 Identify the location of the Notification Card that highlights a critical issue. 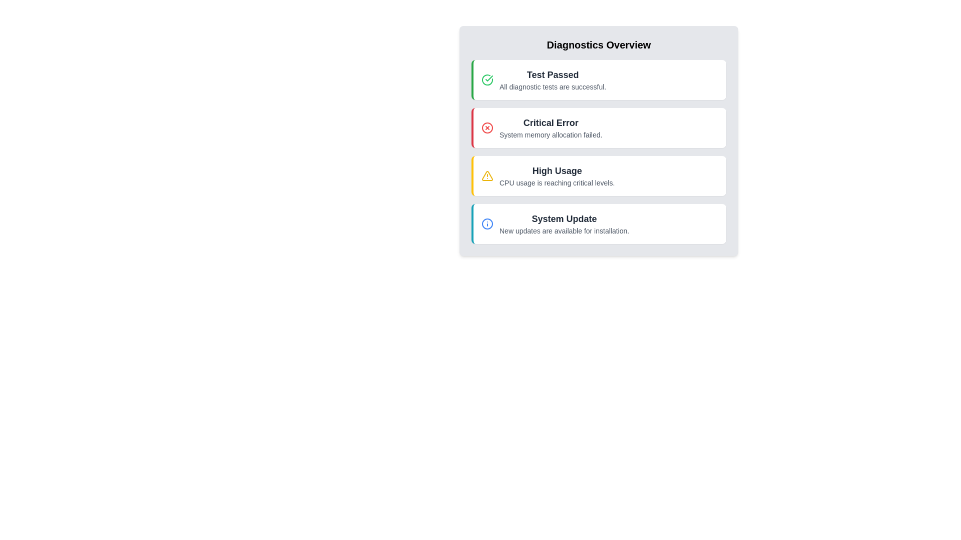
(599, 140).